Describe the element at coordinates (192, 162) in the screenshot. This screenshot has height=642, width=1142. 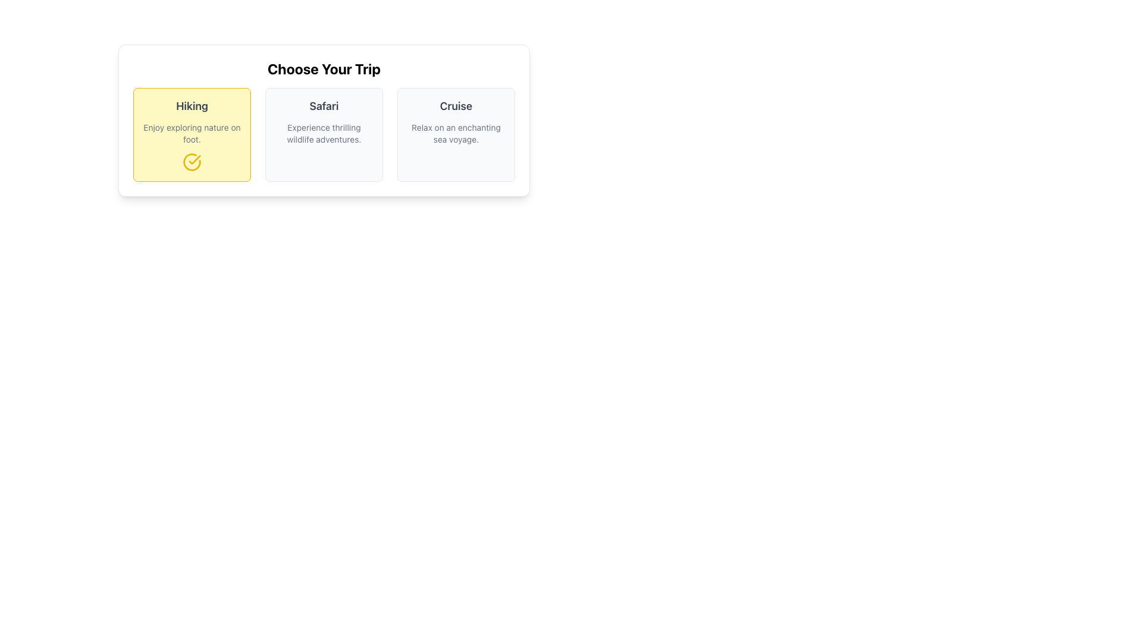
I see `the yellow circular icon with a checkmark symbol located at the bottom-right of the 'Hiking' card` at that location.